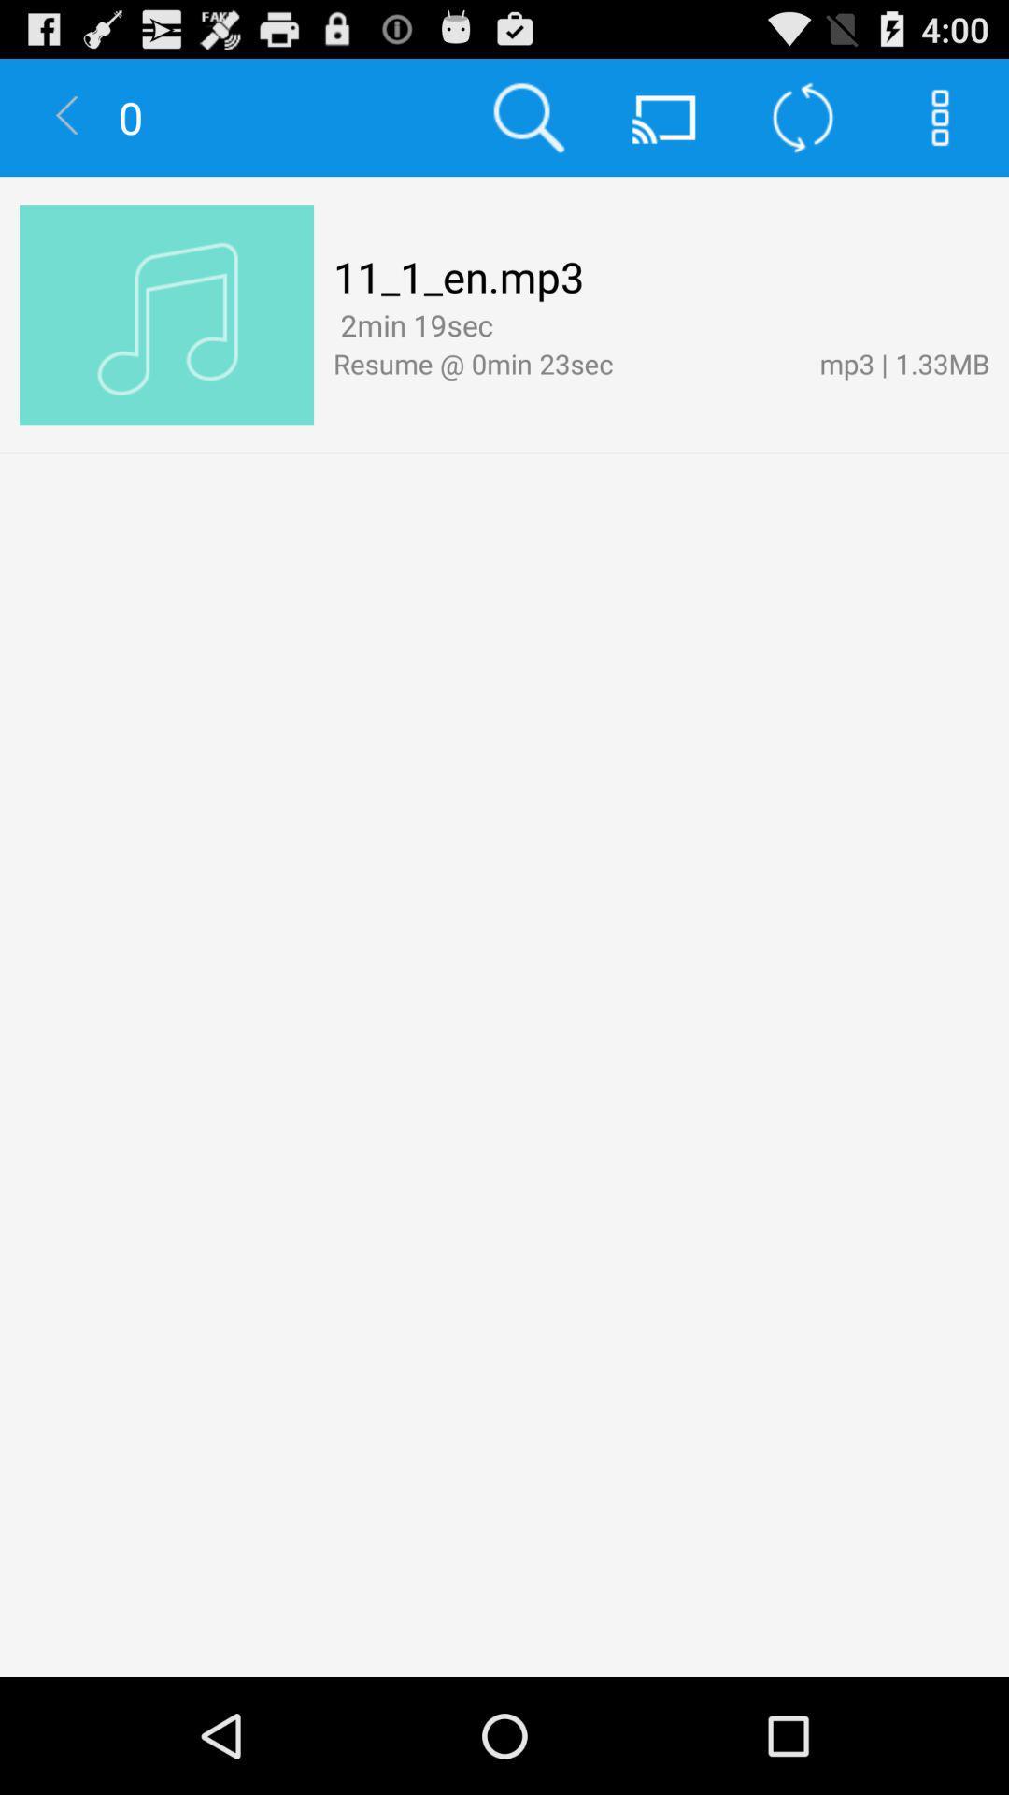 This screenshot has width=1009, height=1795. I want to click on item to the left of 11_1_en.mp3 app, so click(165, 315).